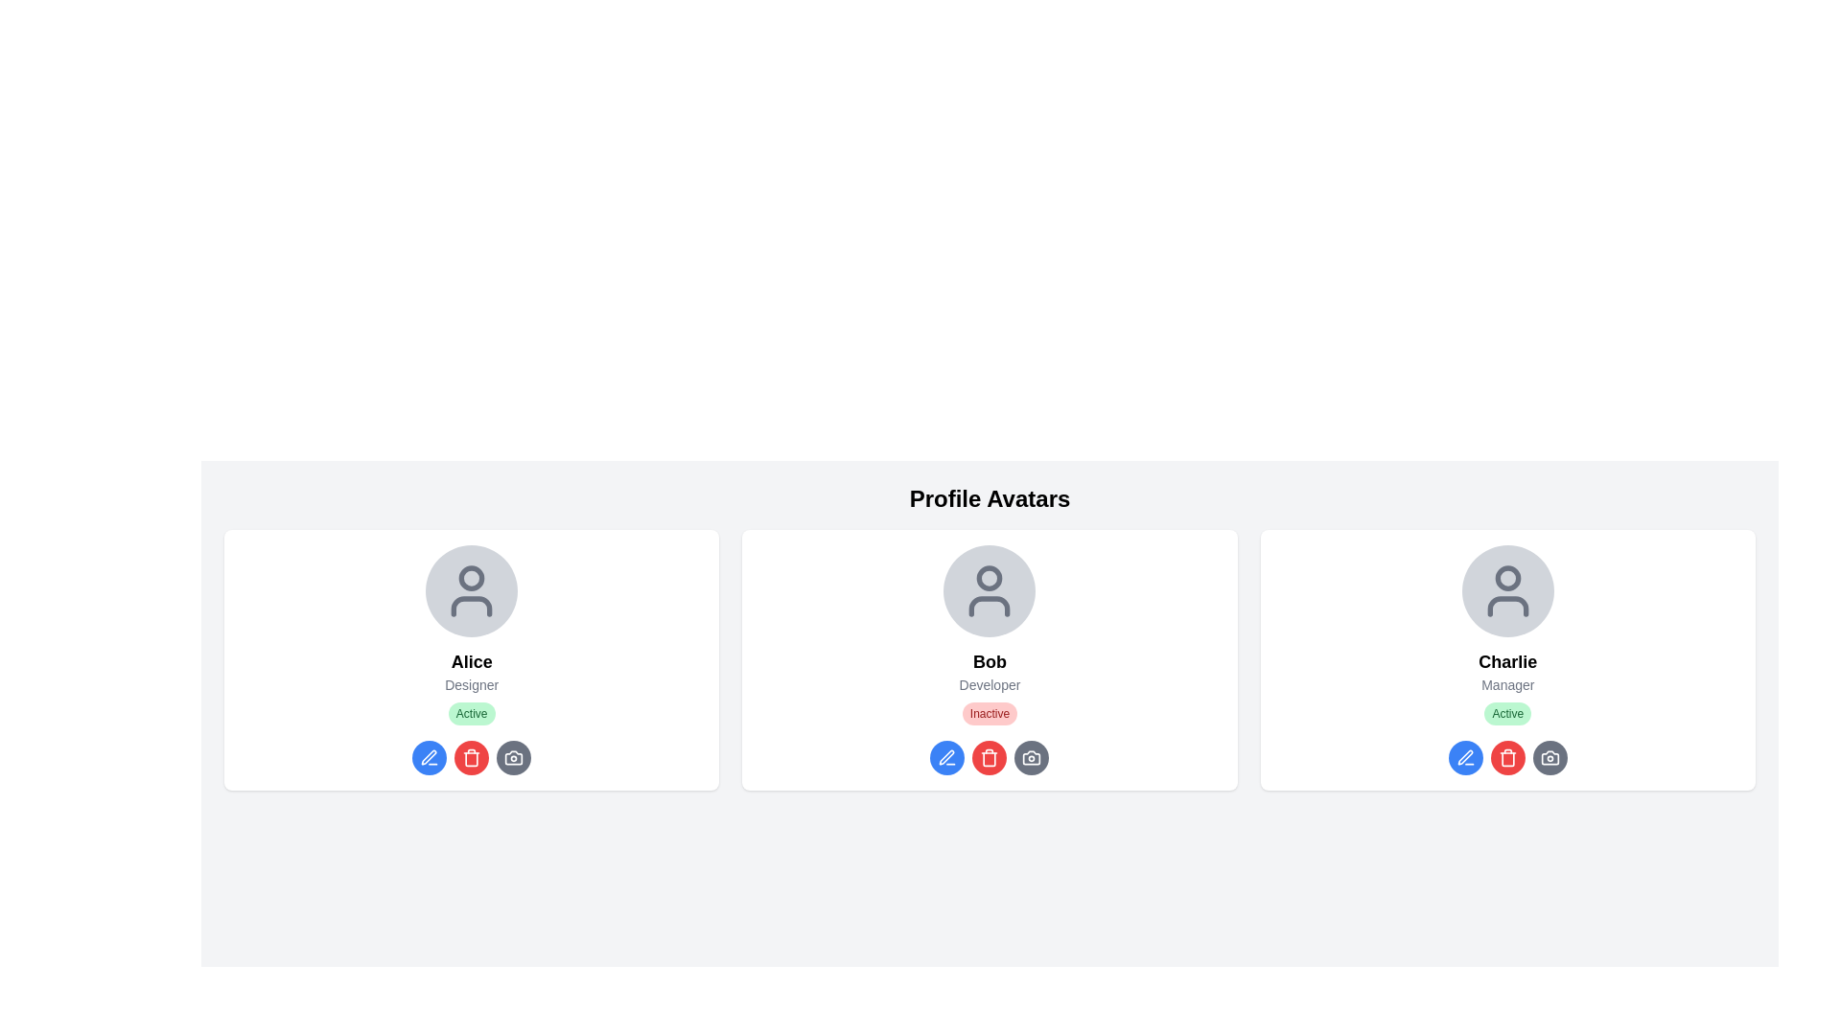  What do you see at coordinates (472, 577) in the screenshot?
I see `the decorative graphical element at the top center of Alice's profile card in the Profile Avatars section` at bounding box center [472, 577].